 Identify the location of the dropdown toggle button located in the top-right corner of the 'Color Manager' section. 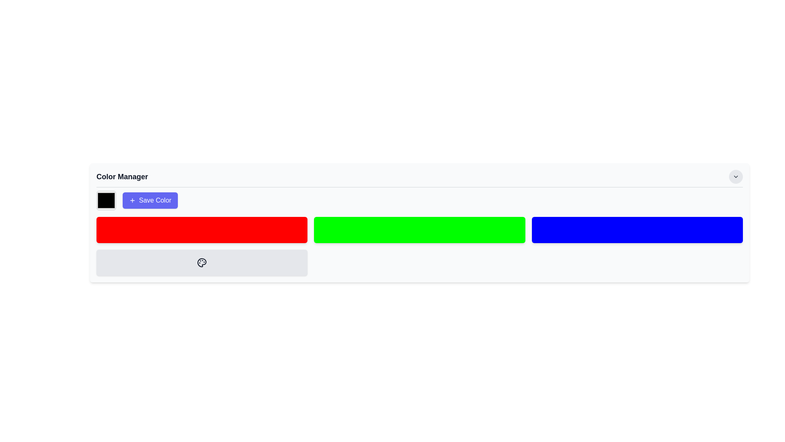
(736, 176).